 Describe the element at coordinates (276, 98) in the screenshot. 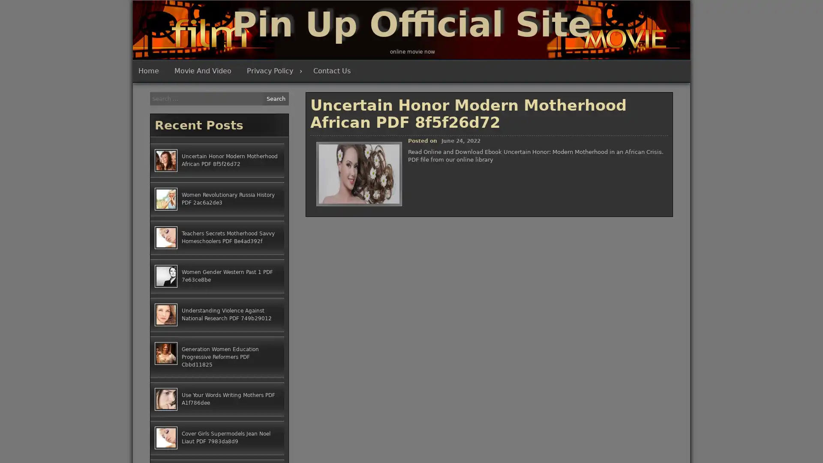

I see `Search` at that location.